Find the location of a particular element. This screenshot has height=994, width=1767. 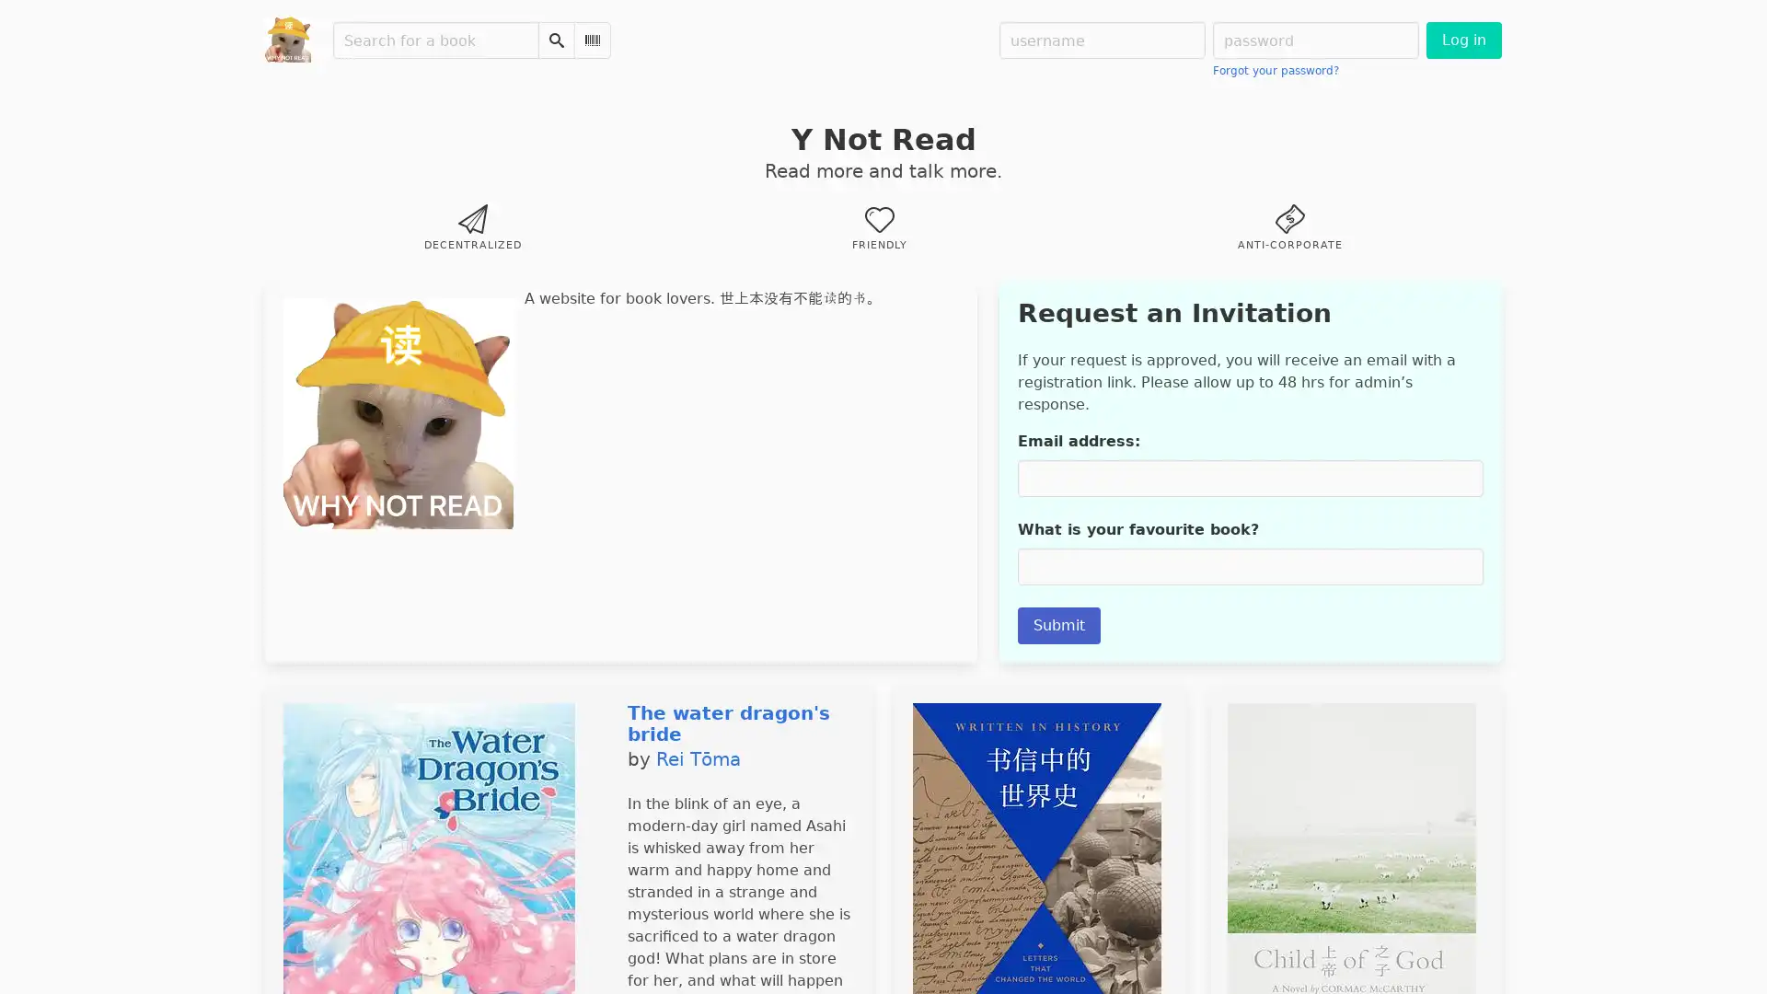

Submit is located at coordinates (1058, 624).